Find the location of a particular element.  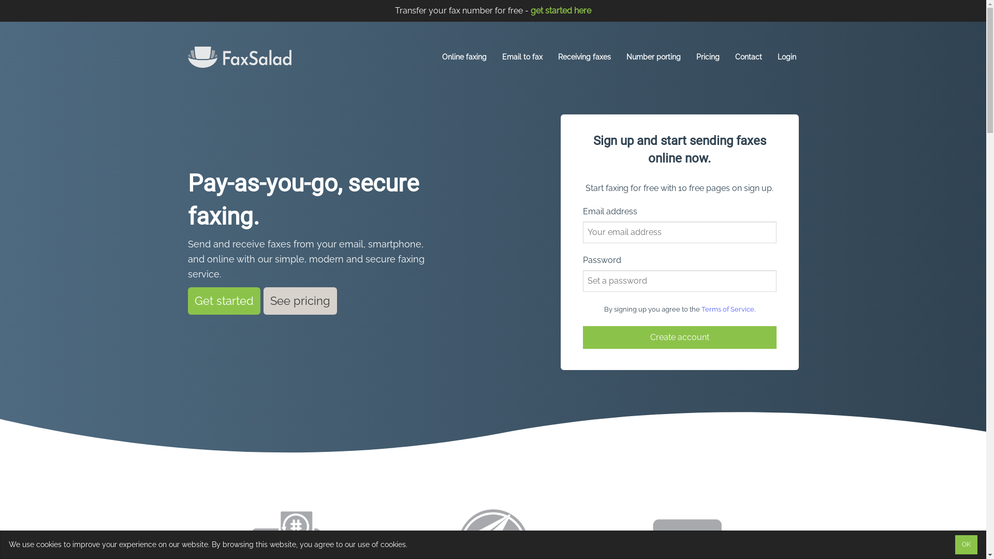

'get started here' is located at coordinates (560, 10).